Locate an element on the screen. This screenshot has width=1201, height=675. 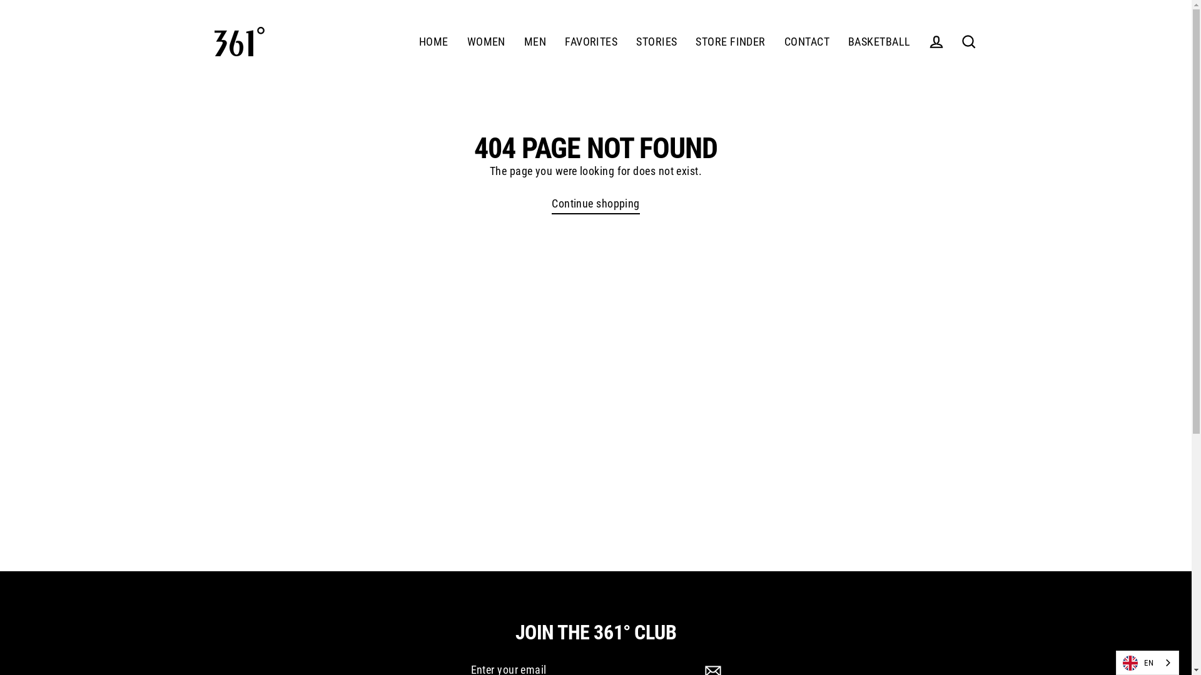
'STORIES' is located at coordinates (656, 41).